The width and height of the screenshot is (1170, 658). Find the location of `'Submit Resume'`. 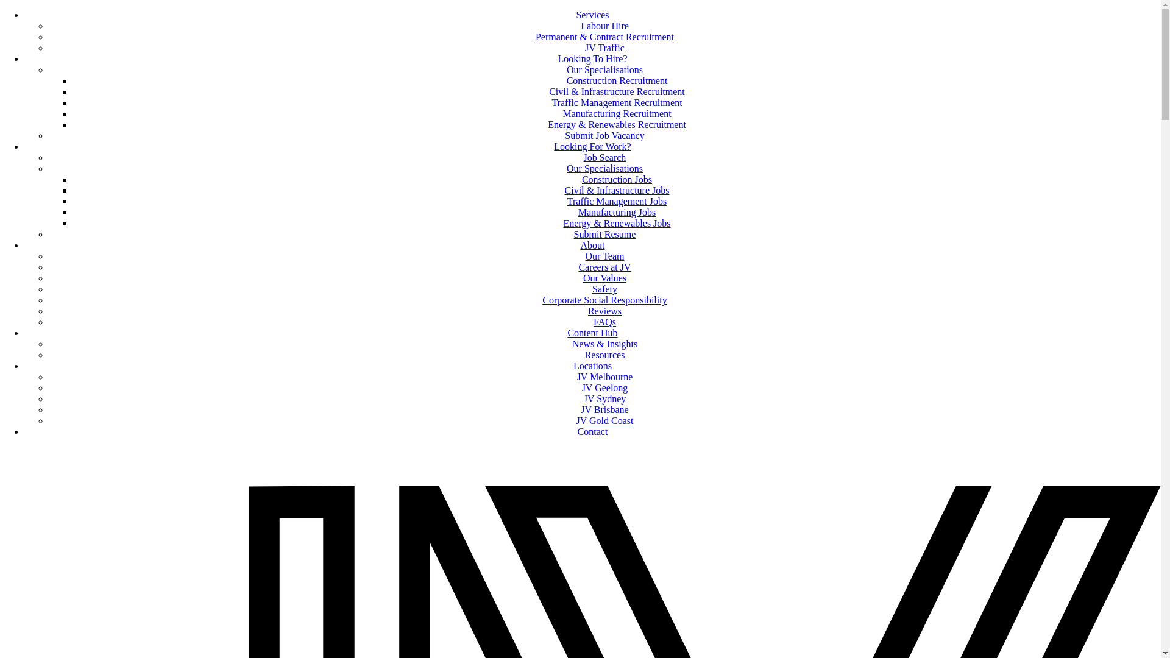

'Submit Resume' is located at coordinates (573, 234).